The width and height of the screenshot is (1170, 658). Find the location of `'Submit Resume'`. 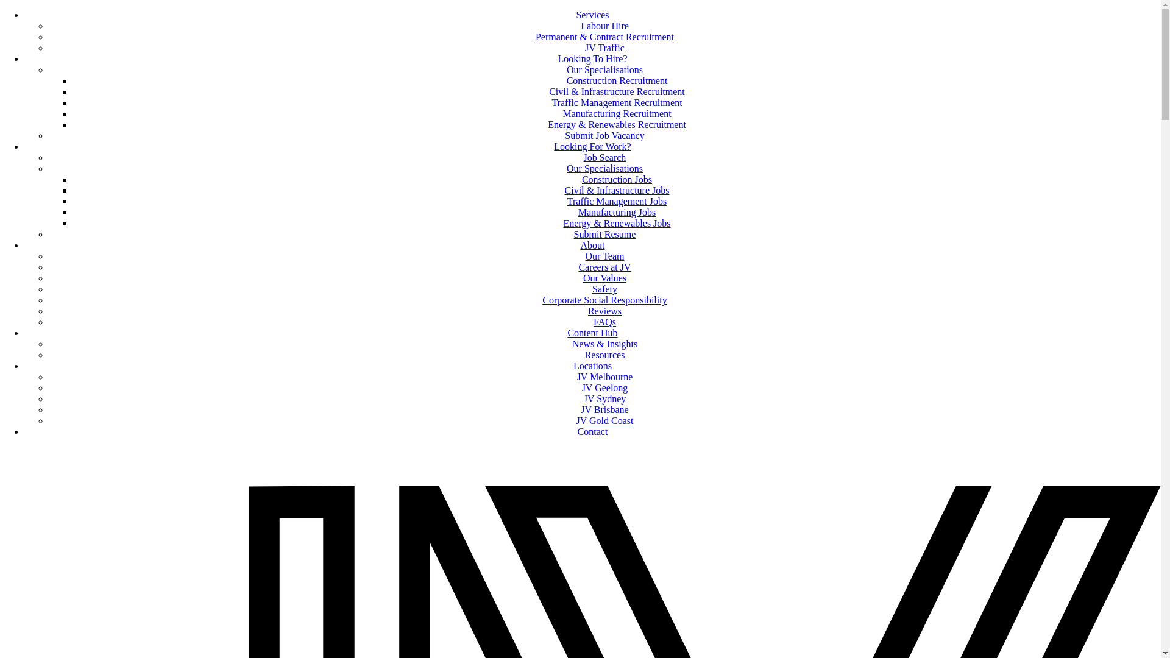

'Submit Resume' is located at coordinates (573, 234).